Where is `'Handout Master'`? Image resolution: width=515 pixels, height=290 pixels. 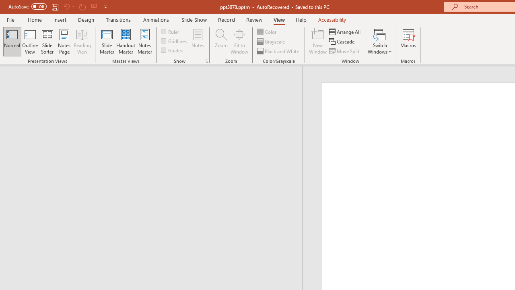 'Handout Master' is located at coordinates (125, 41).